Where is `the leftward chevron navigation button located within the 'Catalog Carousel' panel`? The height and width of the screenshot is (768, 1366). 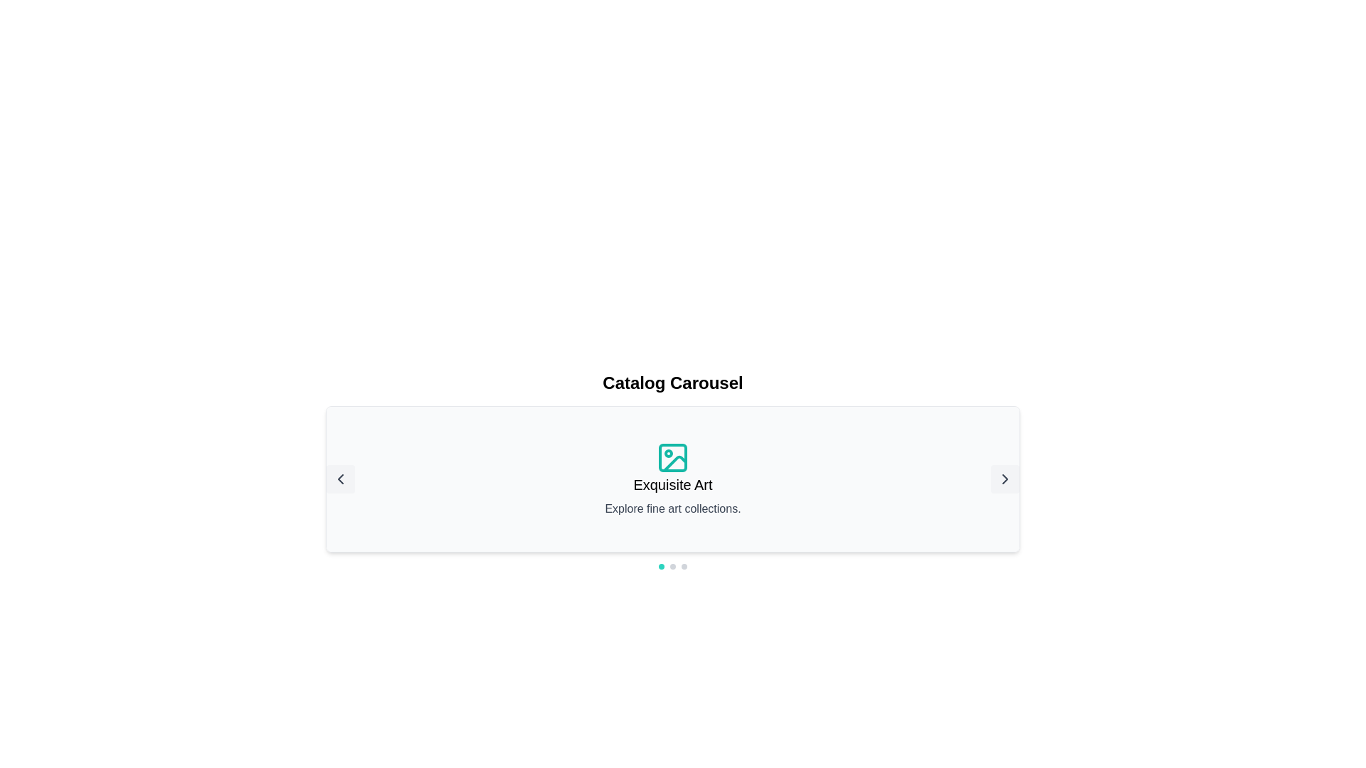 the leftward chevron navigation button located within the 'Catalog Carousel' panel is located at coordinates (340, 479).